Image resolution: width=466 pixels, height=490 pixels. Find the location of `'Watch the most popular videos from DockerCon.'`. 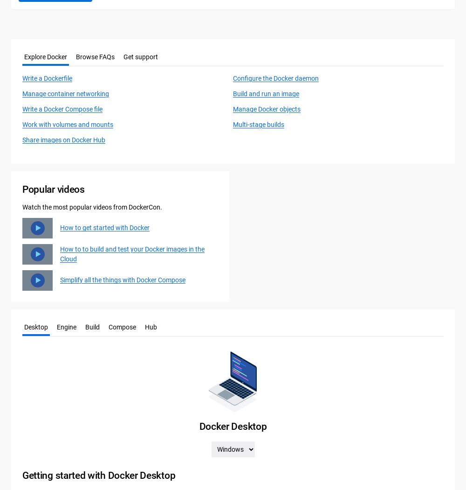

'Watch the most popular videos from DockerCon.' is located at coordinates (22, 206).